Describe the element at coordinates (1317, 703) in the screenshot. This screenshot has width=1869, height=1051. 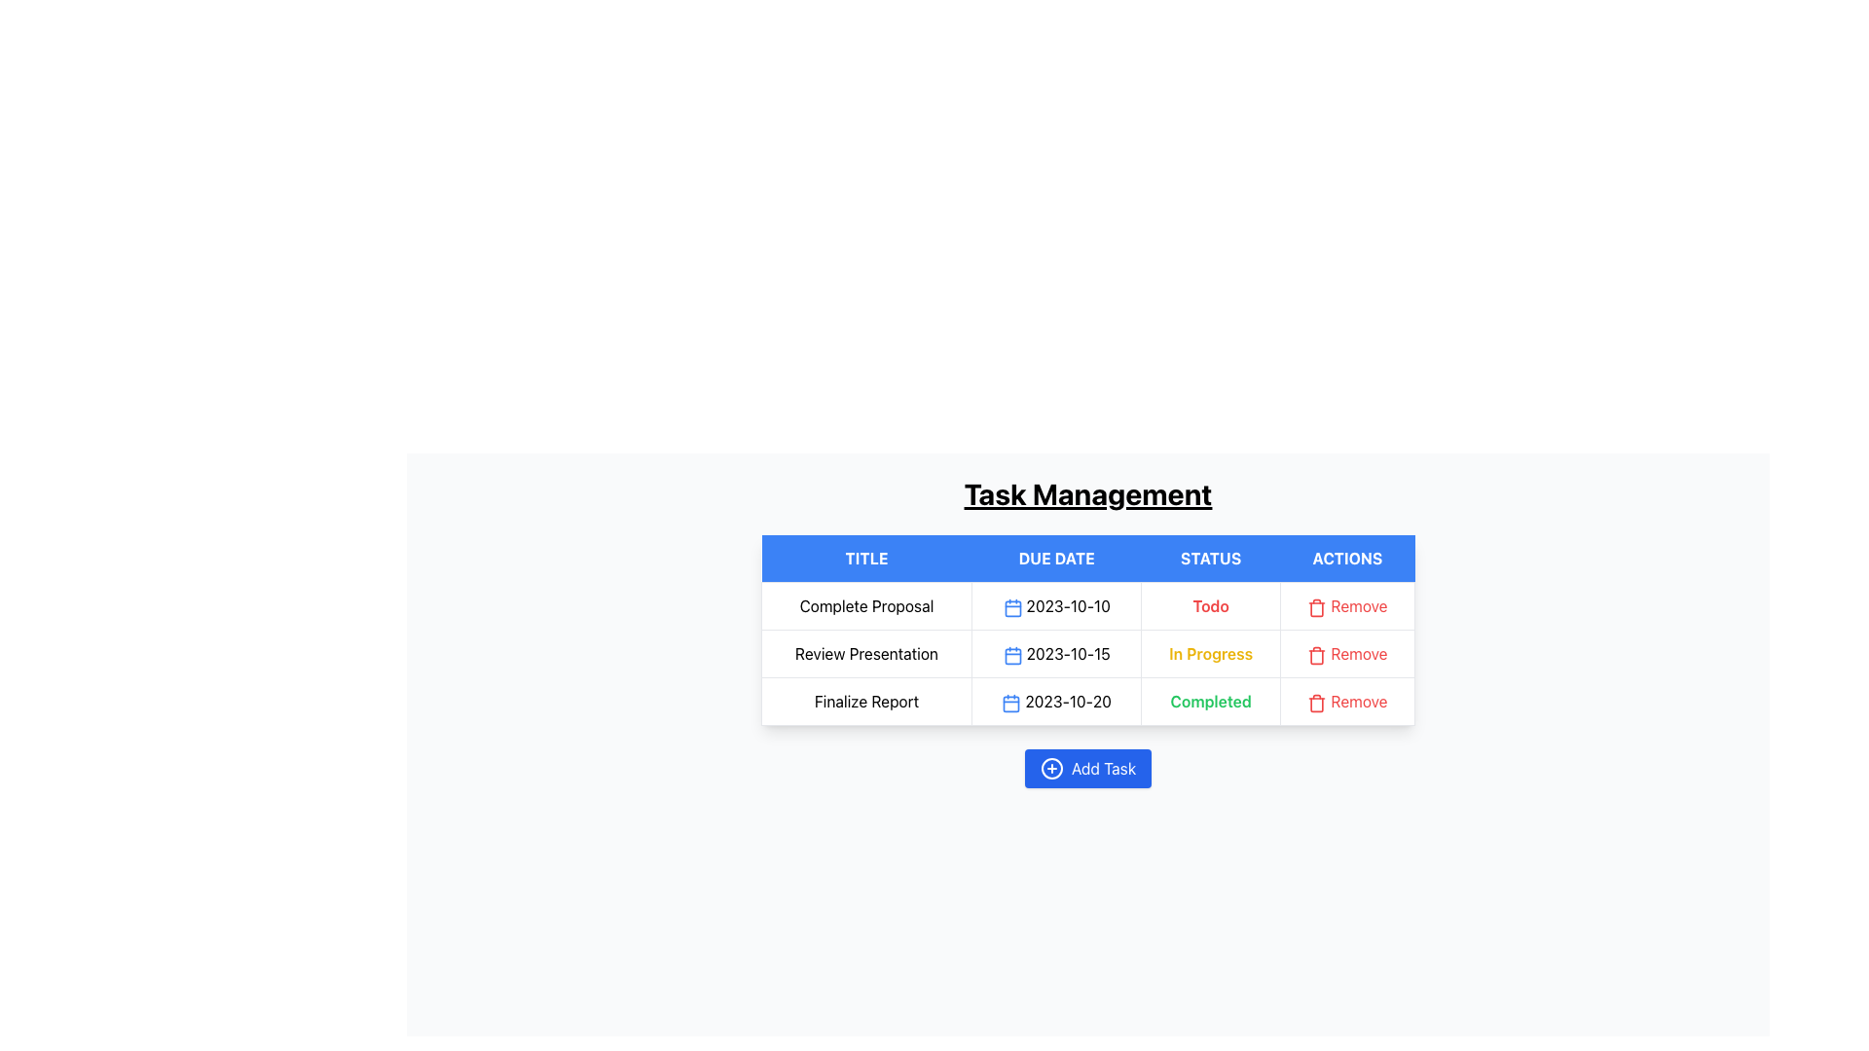
I see `the delete icon button located in the 'Actions' column of the third row, adjacent to the 'Completed' status` at that location.